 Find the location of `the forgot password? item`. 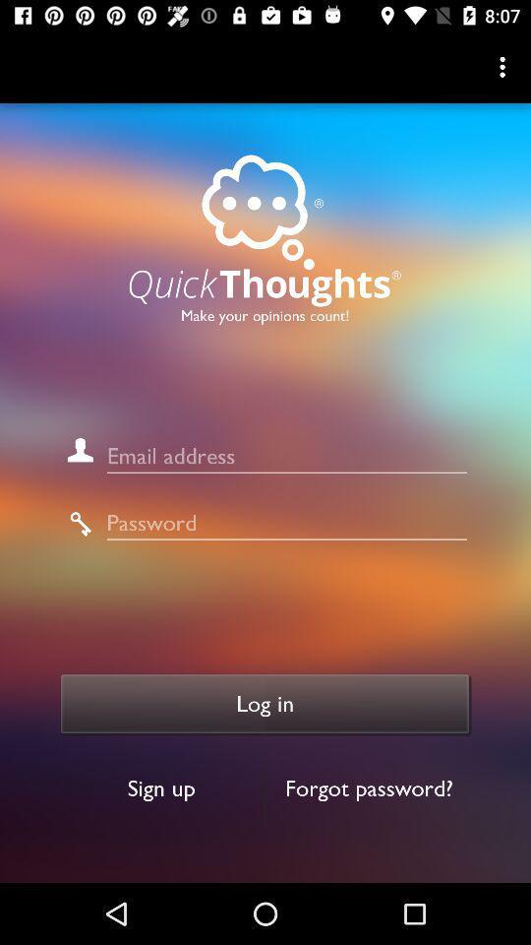

the forgot password? item is located at coordinates (369, 788).